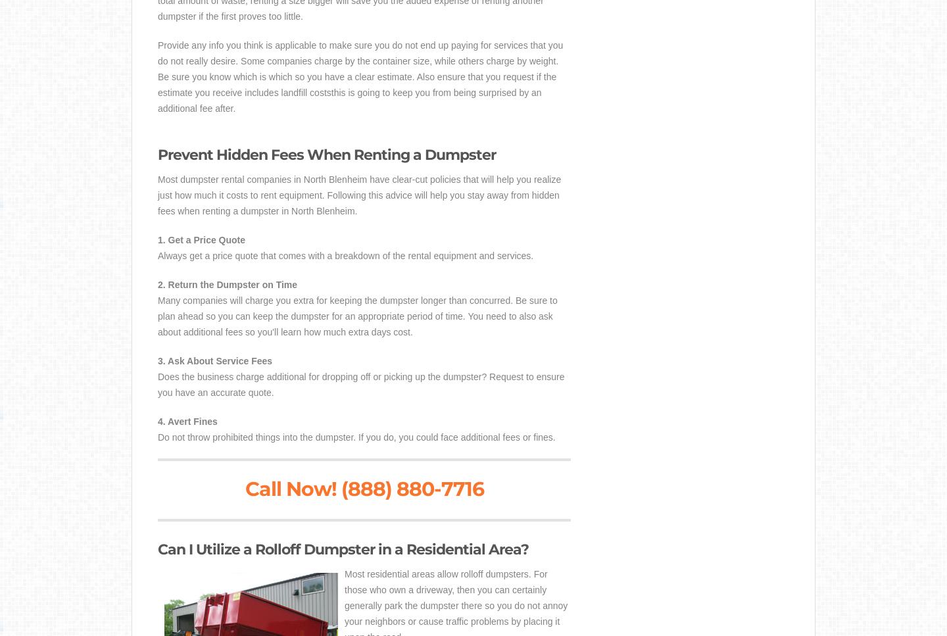 The image size is (947, 636). I want to click on 'Most dumpster rental companies in North Blenheim have clear-cut policies that will help you realize just how much it costs to rent equipment. Following this advice will help you stay away from hidden fees when renting a dumpster in North Blenheim.', so click(359, 194).